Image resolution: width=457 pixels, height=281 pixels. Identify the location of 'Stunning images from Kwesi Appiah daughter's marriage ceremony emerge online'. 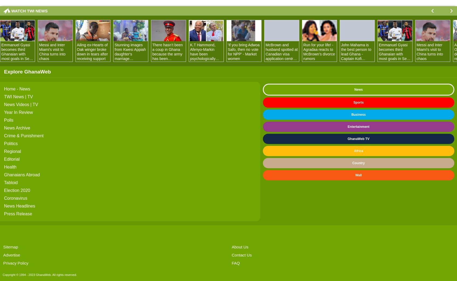
(130, 56).